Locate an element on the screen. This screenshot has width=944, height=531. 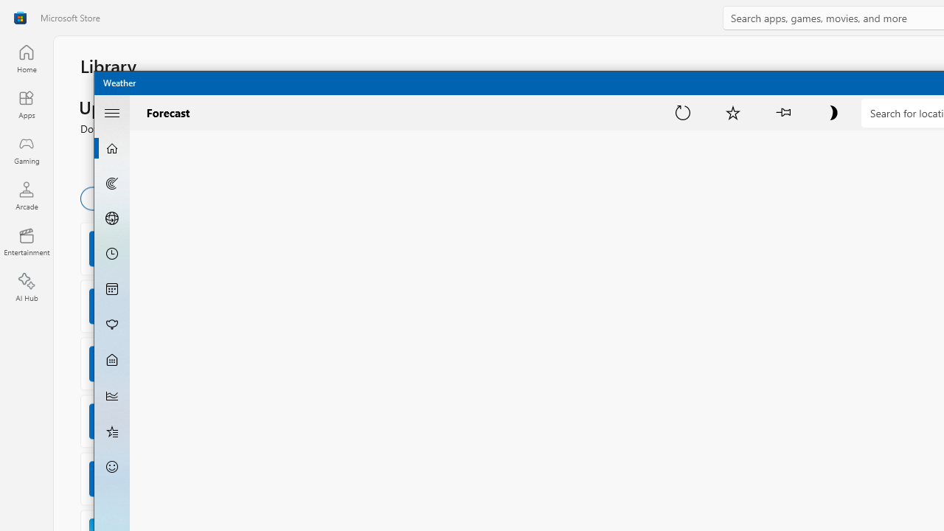
'Gaming' is located at coordinates (26, 150).